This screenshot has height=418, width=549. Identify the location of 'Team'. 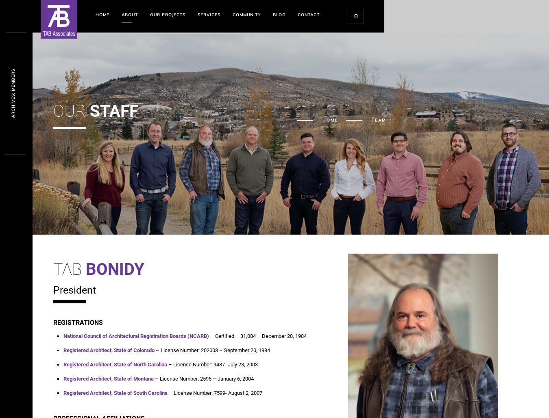
(378, 120).